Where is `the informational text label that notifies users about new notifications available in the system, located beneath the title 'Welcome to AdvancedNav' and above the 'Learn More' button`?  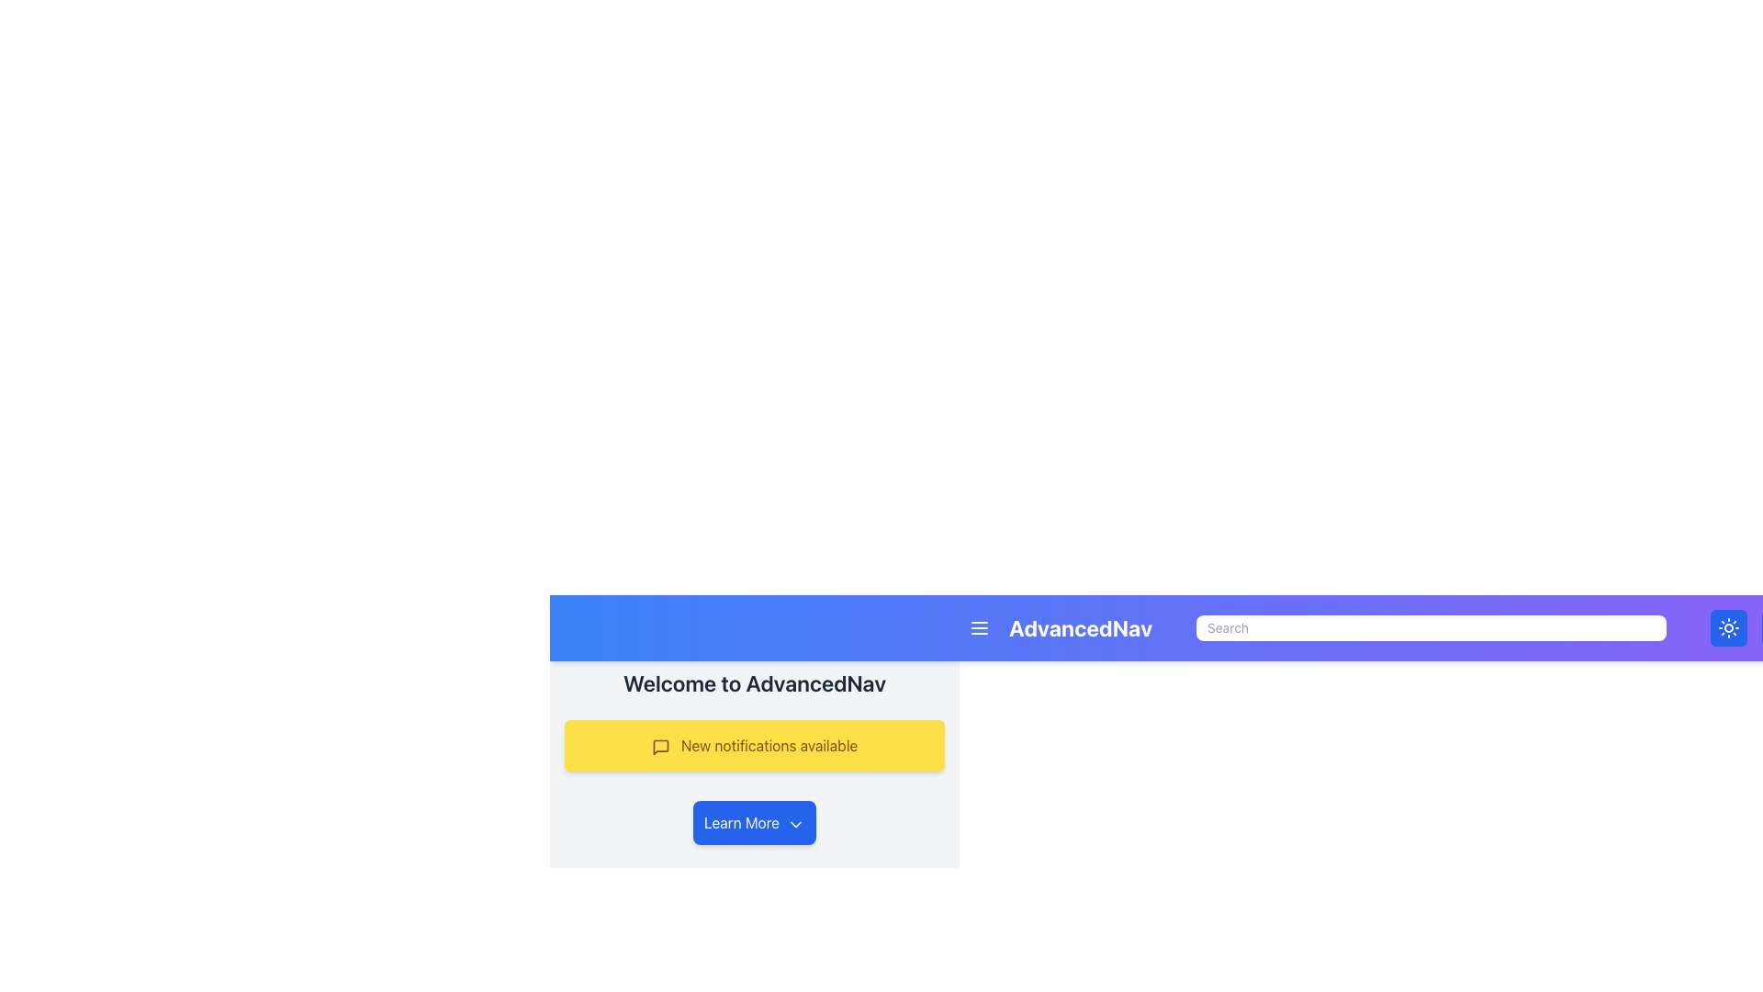
the informational text label that notifies users about new notifications available in the system, located beneath the title 'Welcome to AdvancedNav' and above the 'Learn More' button is located at coordinates (754, 746).